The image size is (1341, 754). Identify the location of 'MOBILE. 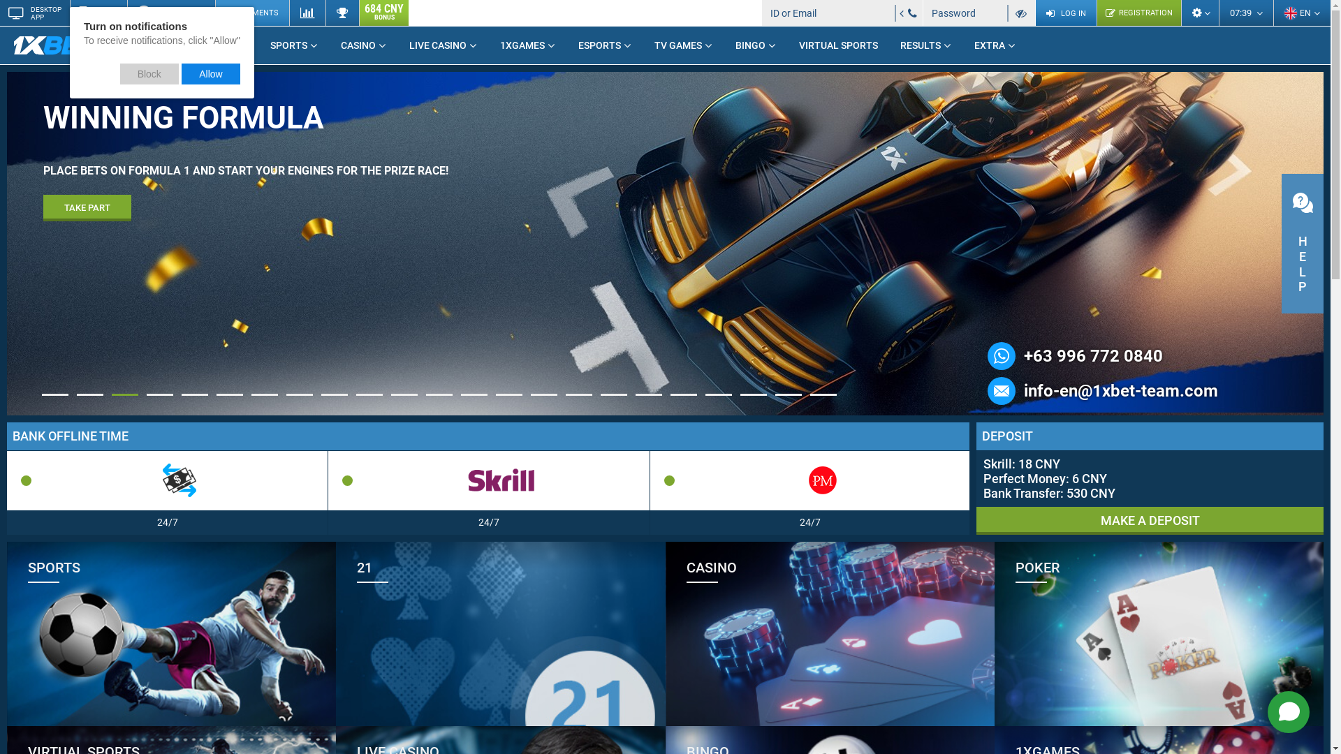
(69, 13).